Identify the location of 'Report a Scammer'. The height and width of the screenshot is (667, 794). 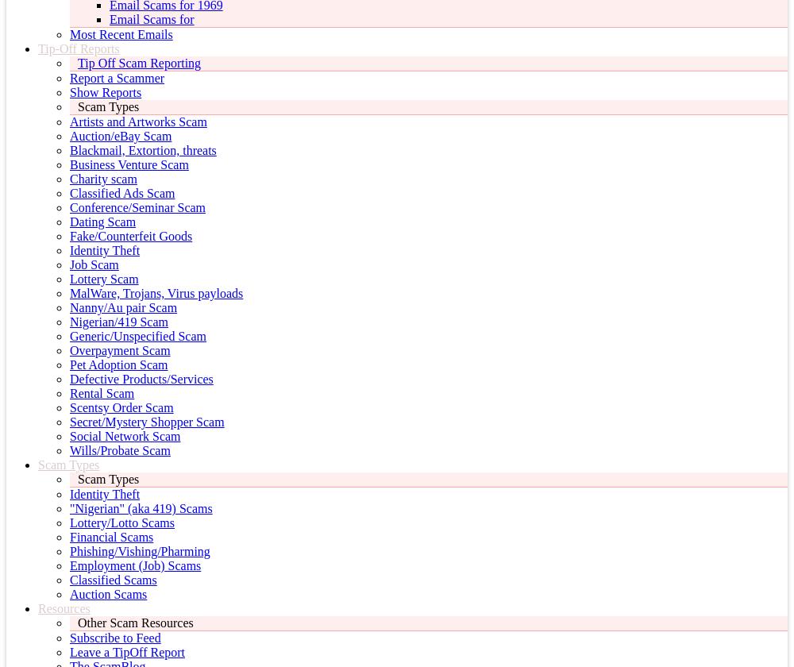
(117, 78).